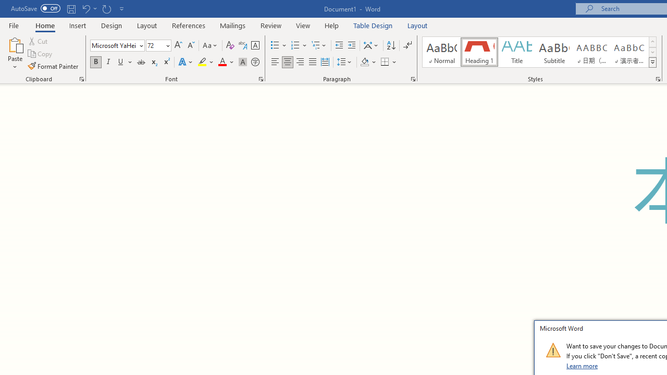 The height and width of the screenshot is (375, 667). I want to click on 'Undo Grow Font', so click(85, 8).